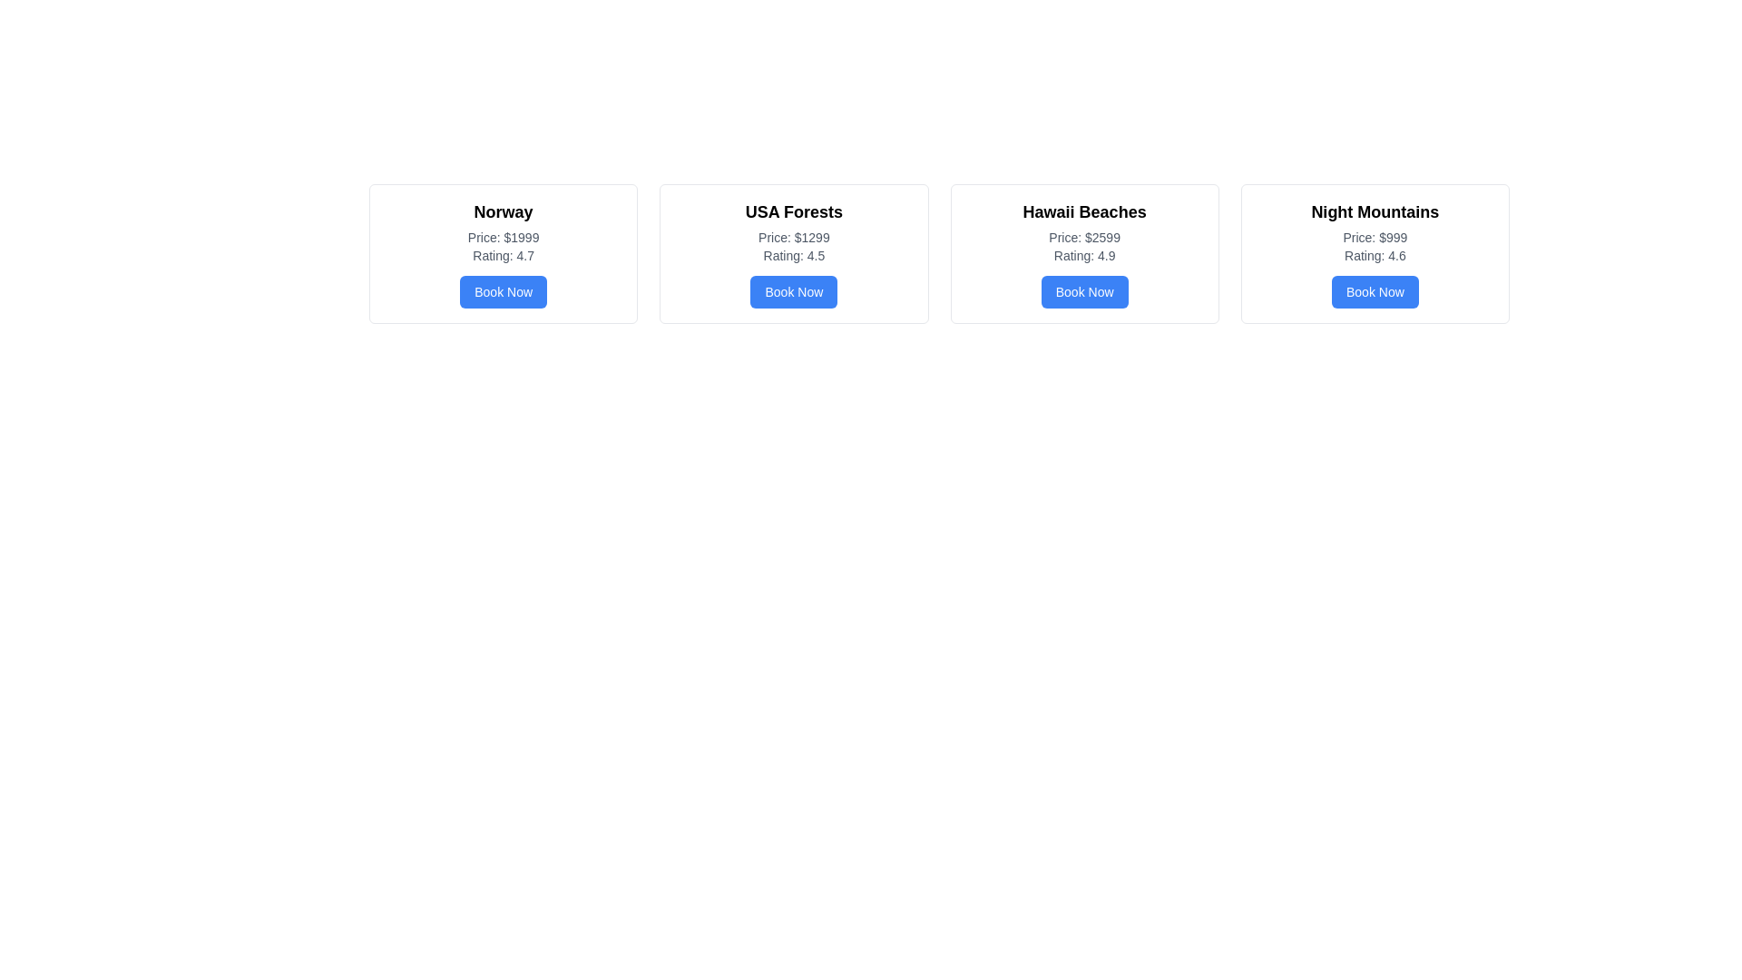 The height and width of the screenshot is (980, 1742). I want to click on the 'Book Now' button with a blue background and white text located in the bottom-right corner of the 'Night Mountains' card, so click(1375, 290).